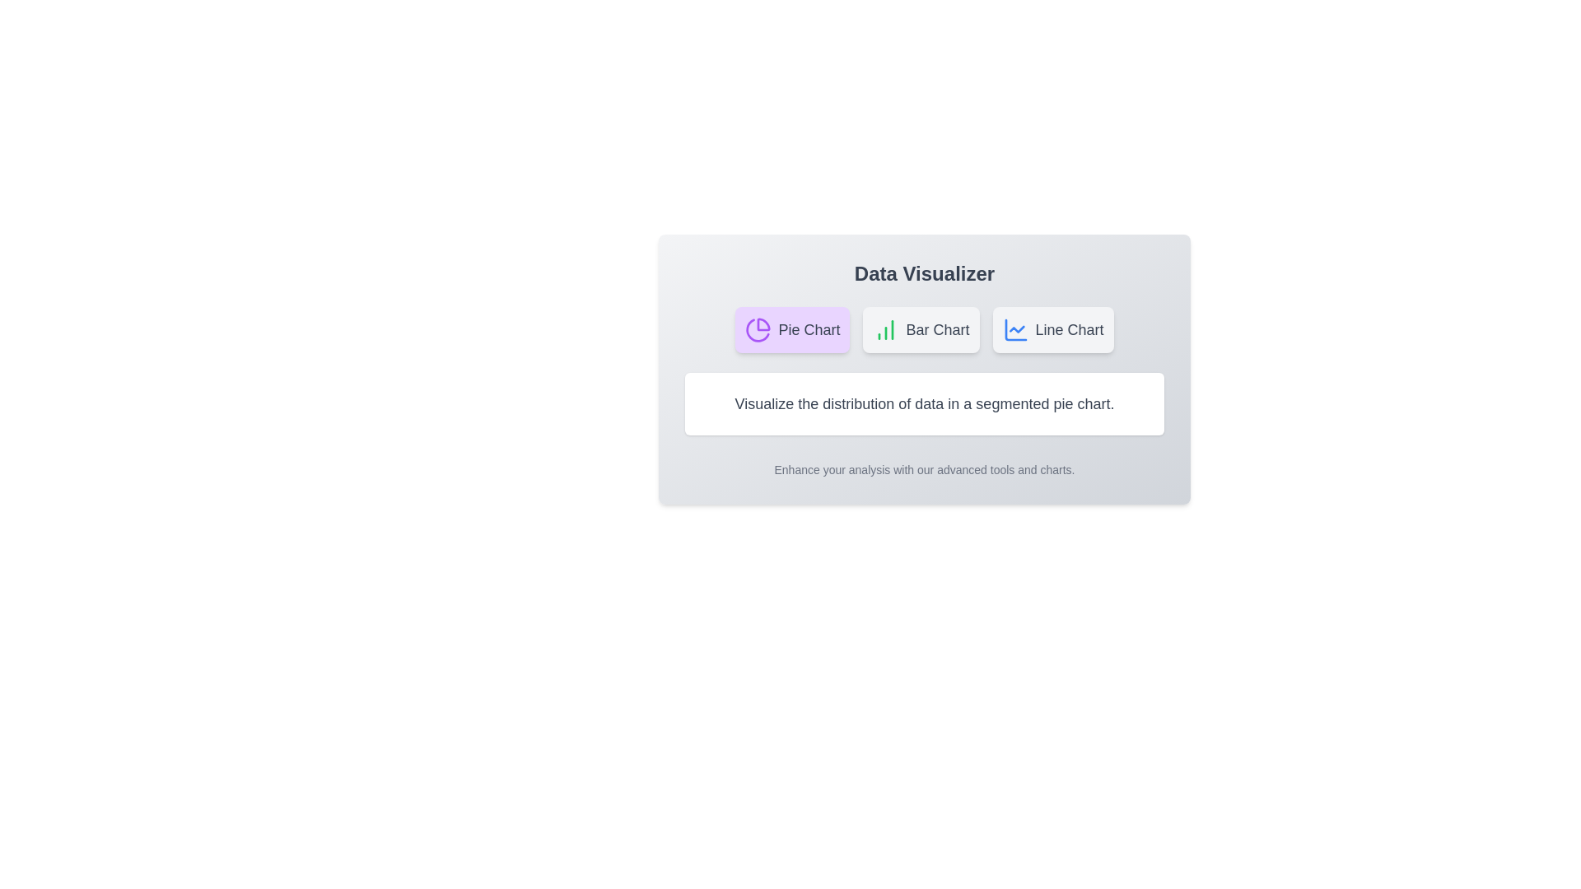  What do you see at coordinates (1052, 330) in the screenshot?
I see `the button labeled 'Line Chart' to observe hover effects` at bounding box center [1052, 330].